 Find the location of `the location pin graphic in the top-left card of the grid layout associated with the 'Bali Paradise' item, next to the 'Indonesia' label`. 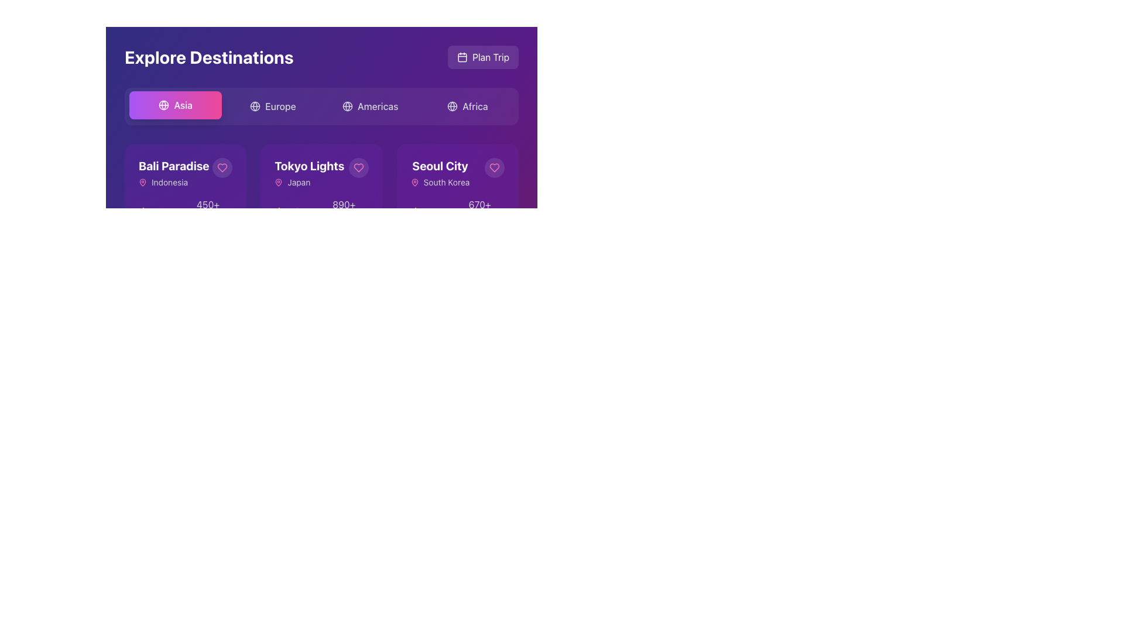

the location pin graphic in the top-left card of the grid layout associated with the 'Bali Paradise' item, next to the 'Indonesia' label is located at coordinates (142, 182).